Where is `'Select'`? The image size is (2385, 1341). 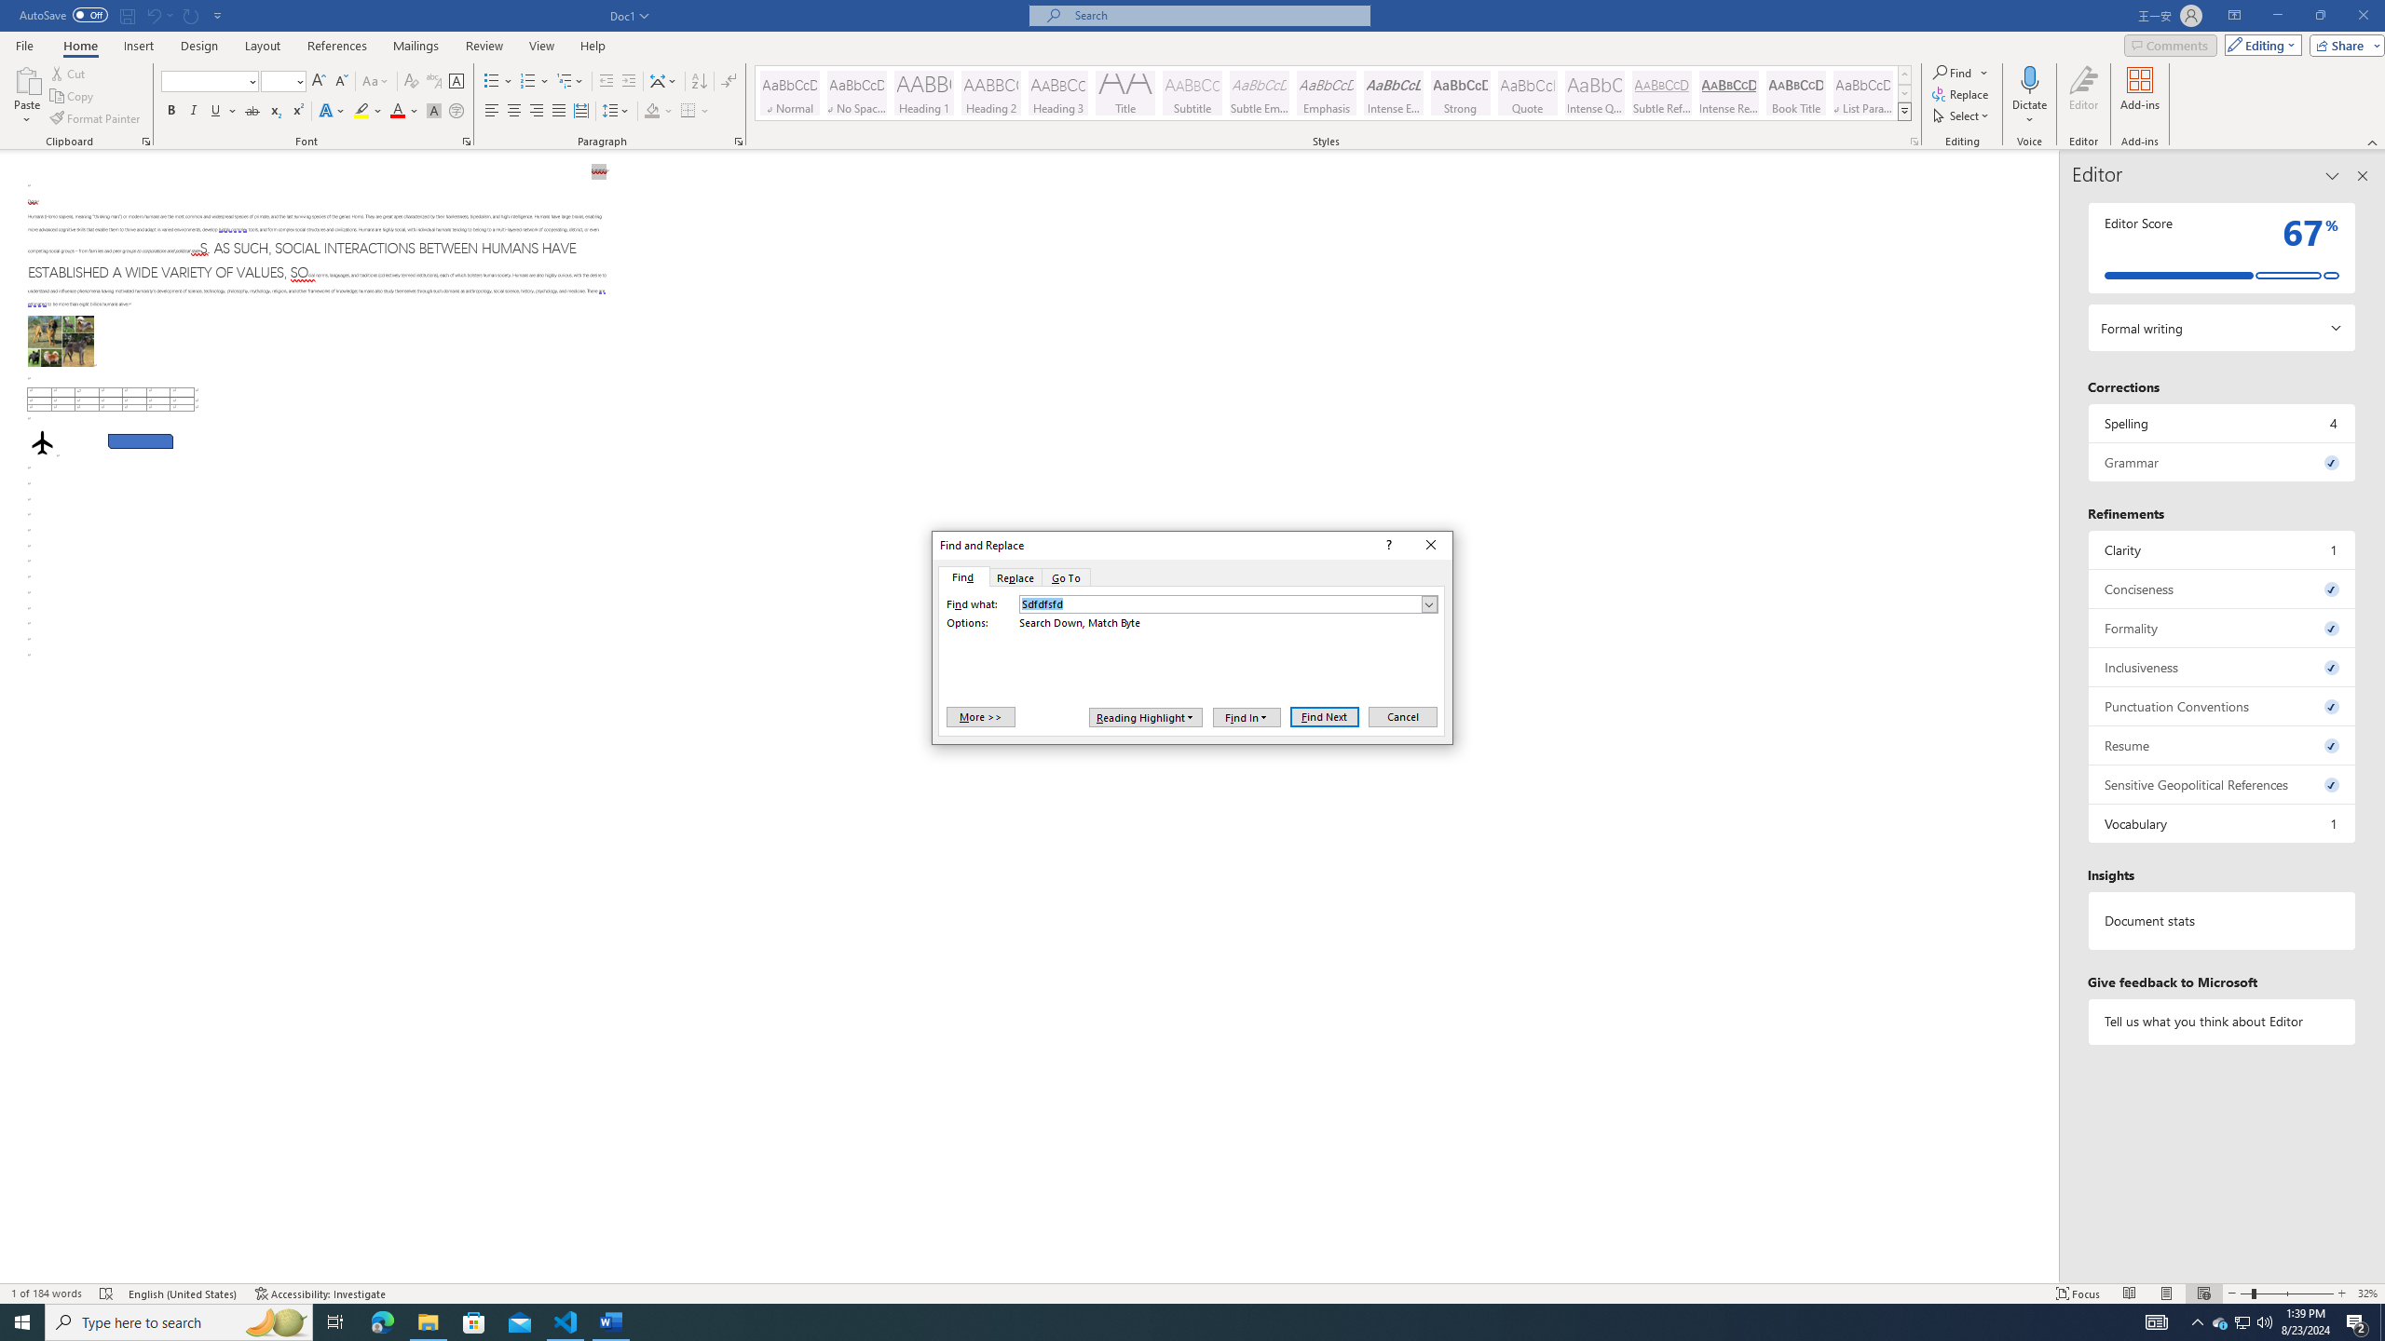 'Select' is located at coordinates (1962, 114).